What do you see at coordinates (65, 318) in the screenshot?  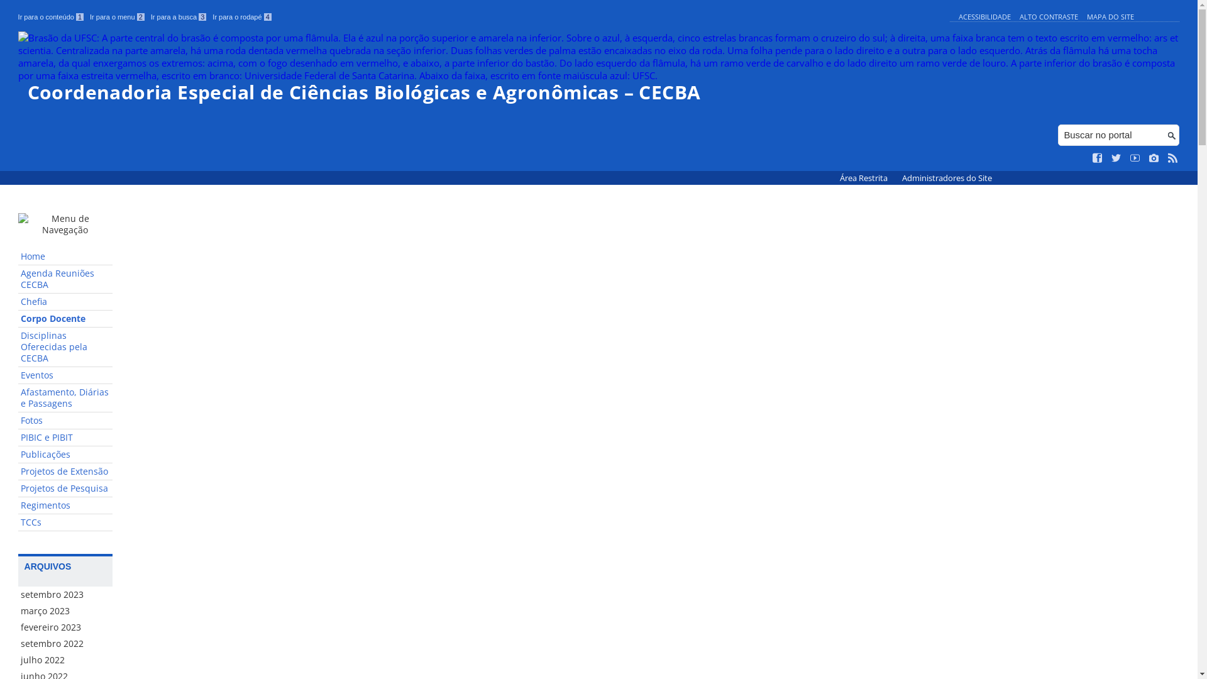 I see `'Corpo Docente'` at bounding box center [65, 318].